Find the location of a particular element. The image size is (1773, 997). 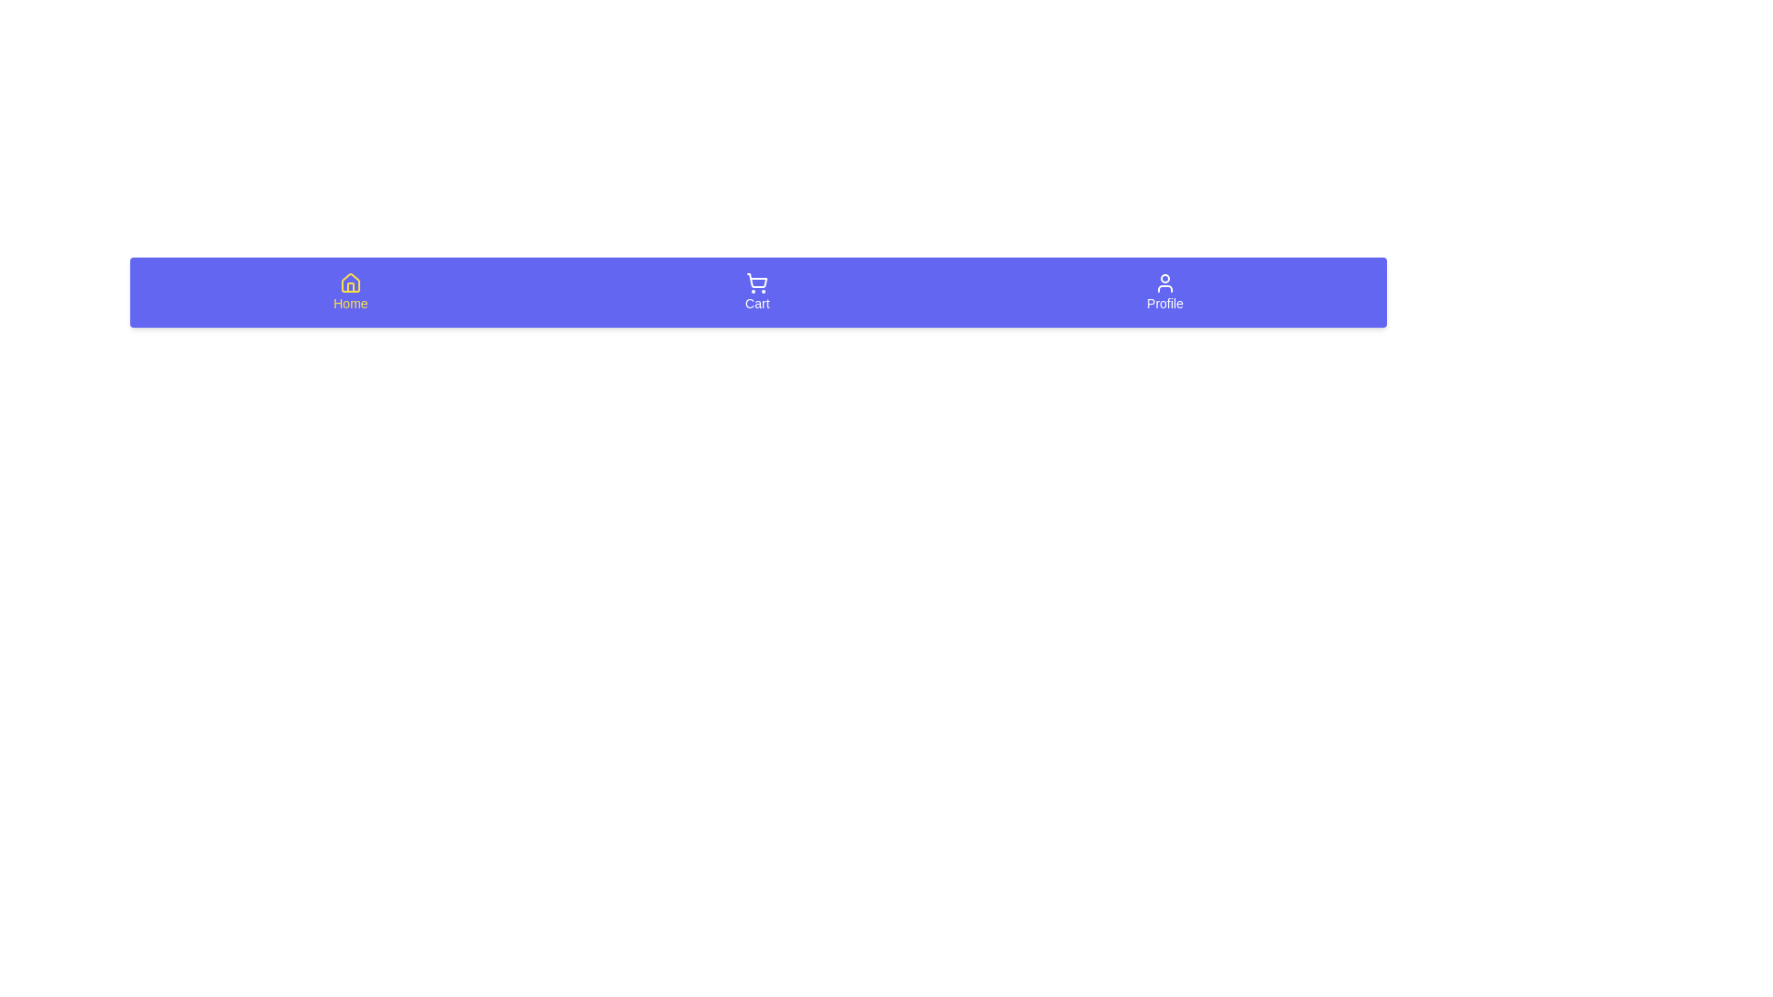

the Profile tab is located at coordinates (1164, 291).